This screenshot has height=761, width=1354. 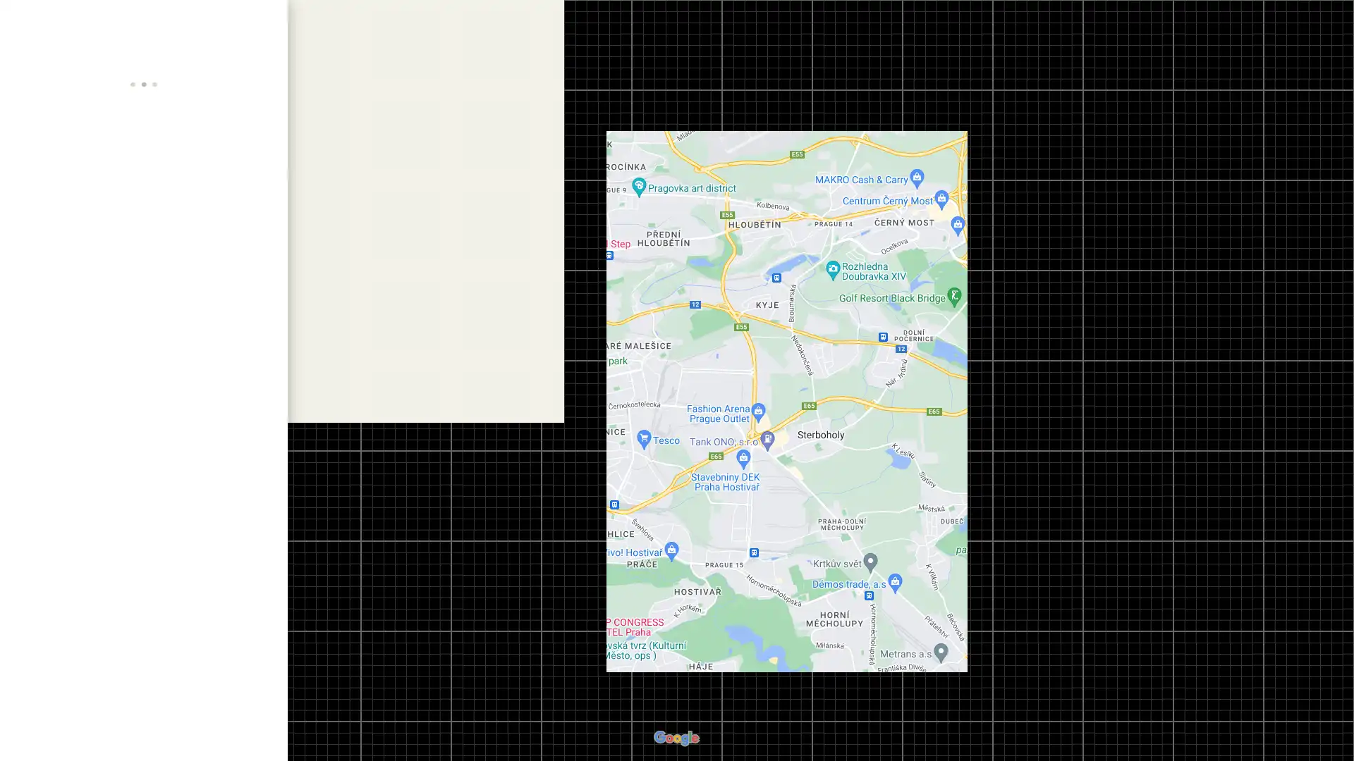 What do you see at coordinates (246, 275) in the screenshot?
I see `Share TOVARNA.CZ, s.r.o.` at bounding box center [246, 275].